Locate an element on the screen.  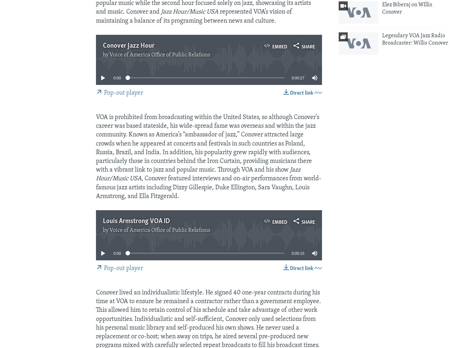
'Louis Armstrong VOA ID' is located at coordinates (136, 221).